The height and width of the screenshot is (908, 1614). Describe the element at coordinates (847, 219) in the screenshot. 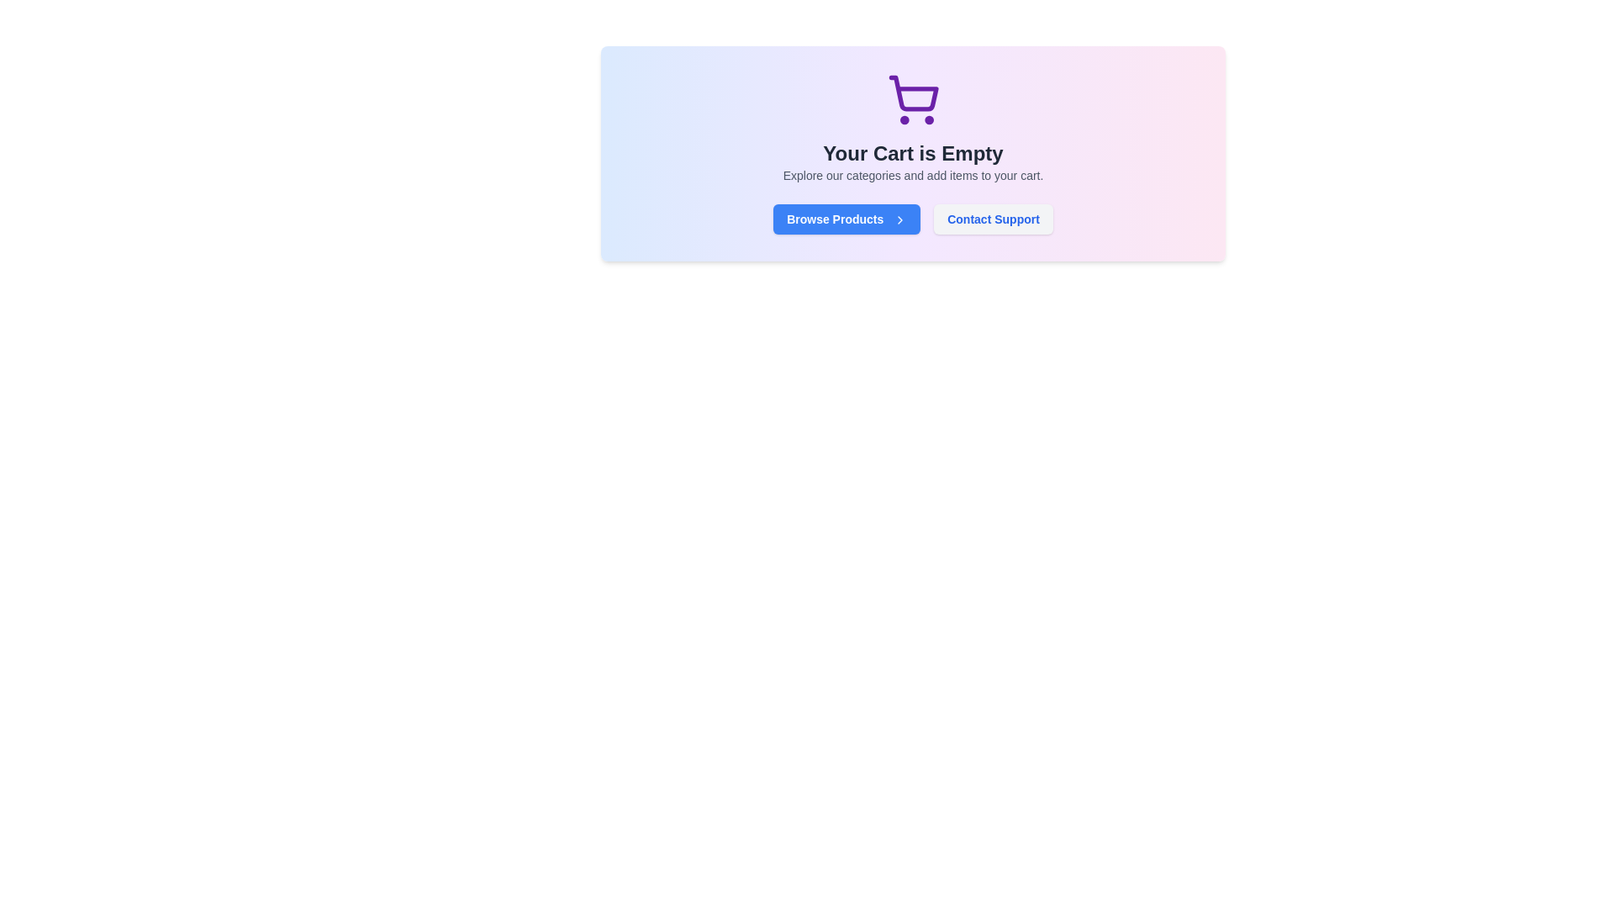

I see `the blue button labeled 'Browse Products'` at that location.